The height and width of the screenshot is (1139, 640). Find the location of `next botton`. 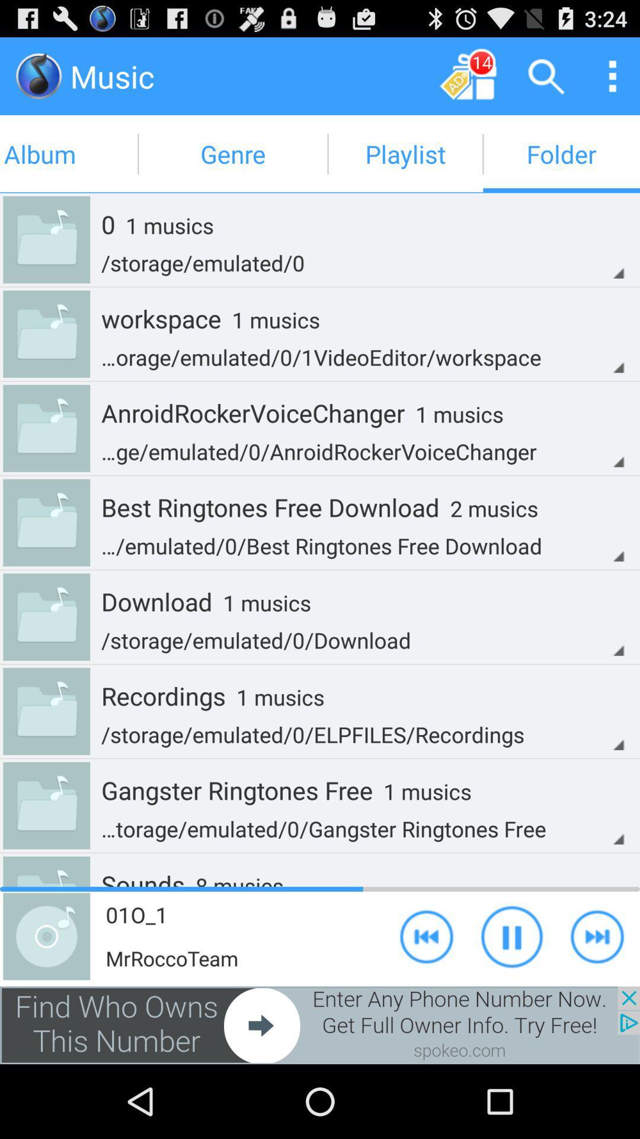

next botton is located at coordinates (597, 936).